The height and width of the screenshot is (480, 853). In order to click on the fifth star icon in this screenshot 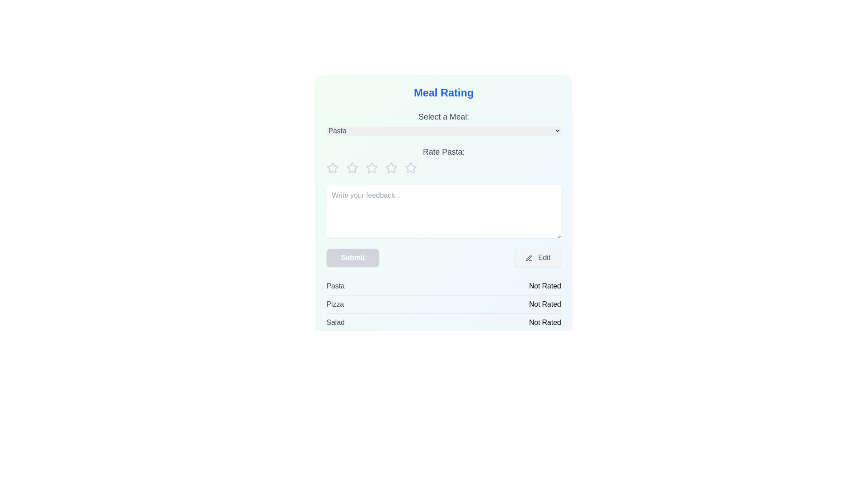, I will do `click(410, 168)`.